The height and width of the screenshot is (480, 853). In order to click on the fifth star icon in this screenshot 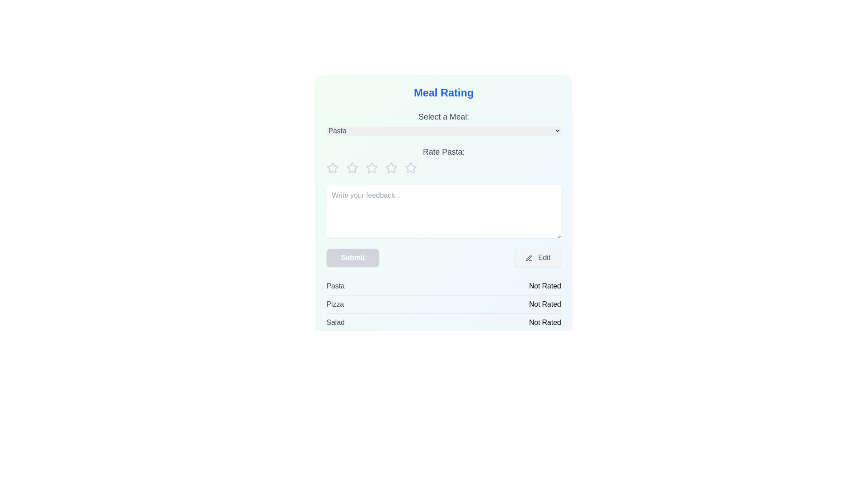, I will do `click(410, 168)`.